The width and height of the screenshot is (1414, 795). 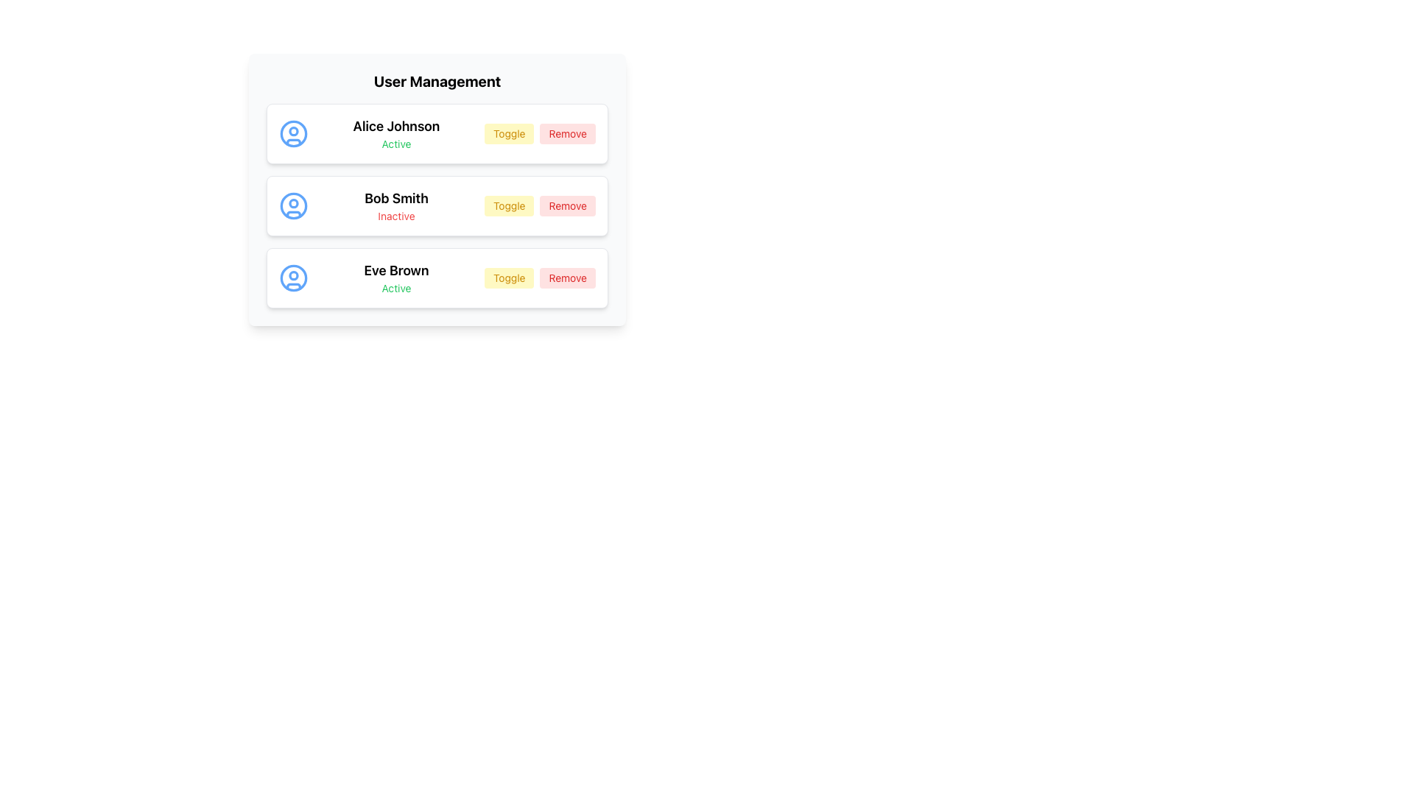 What do you see at coordinates (437, 82) in the screenshot?
I see `text from the Text Label at the top of the user management section, which indicates the purpose of the panel` at bounding box center [437, 82].